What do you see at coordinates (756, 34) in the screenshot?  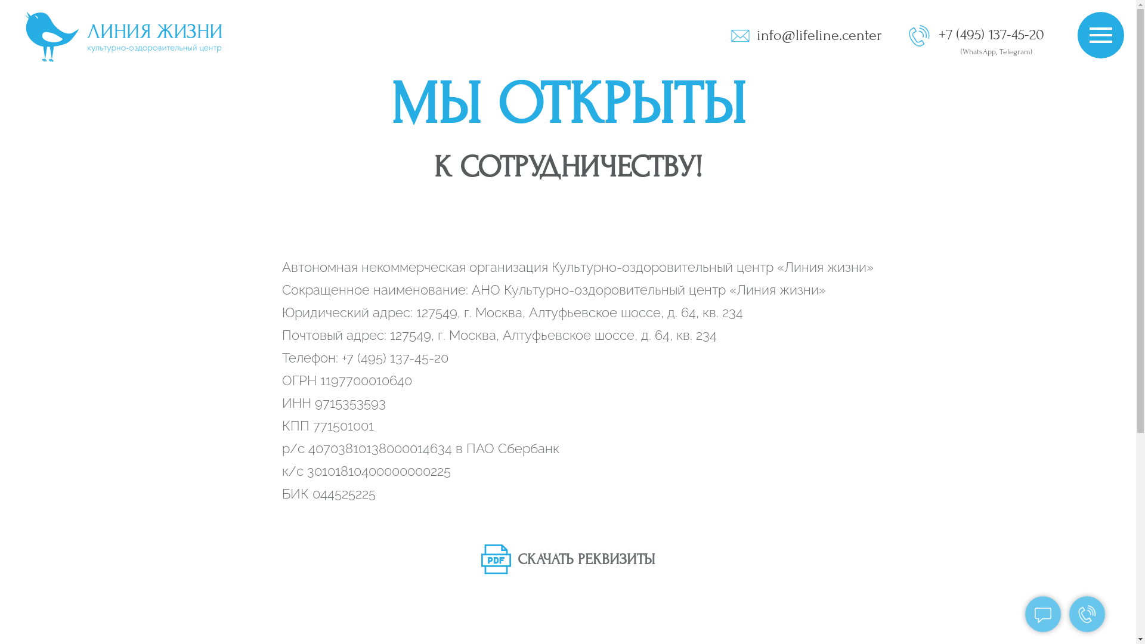 I see `'info@lifeline.center'` at bounding box center [756, 34].